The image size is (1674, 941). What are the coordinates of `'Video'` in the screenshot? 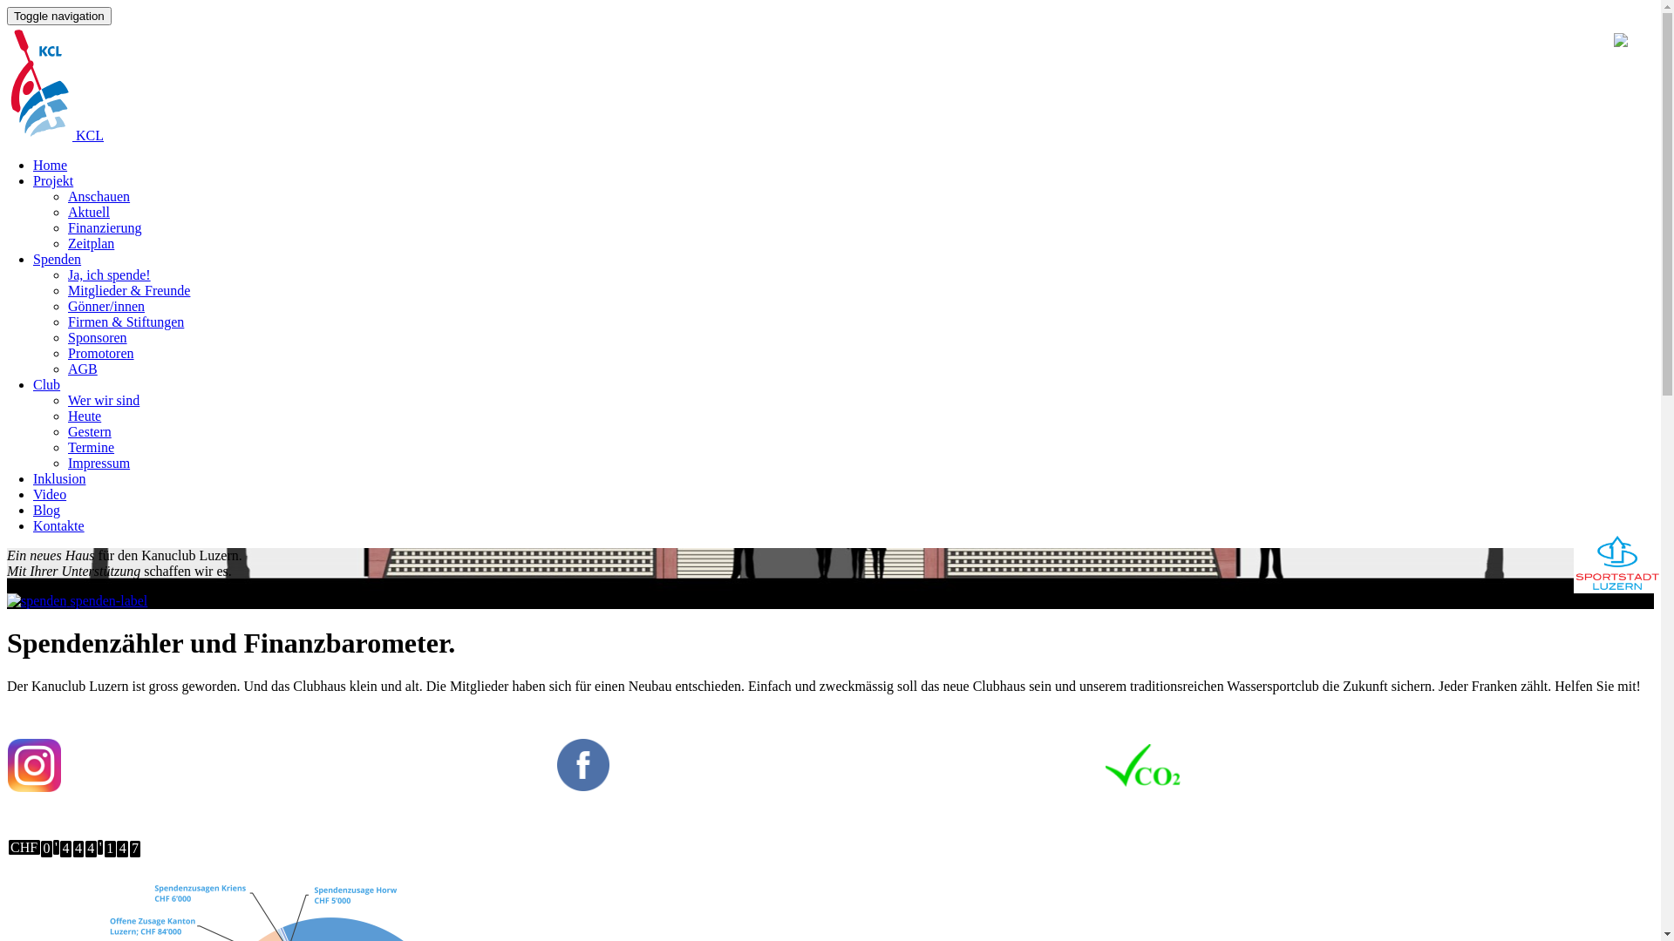 It's located at (50, 494).